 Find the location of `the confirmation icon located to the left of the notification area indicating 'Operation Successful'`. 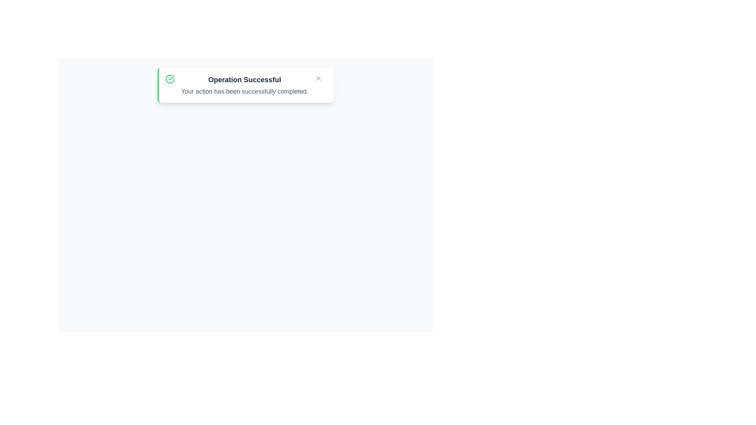

the confirmation icon located to the left of the notification area indicating 'Operation Successful' is located at coordinates (170, 79).